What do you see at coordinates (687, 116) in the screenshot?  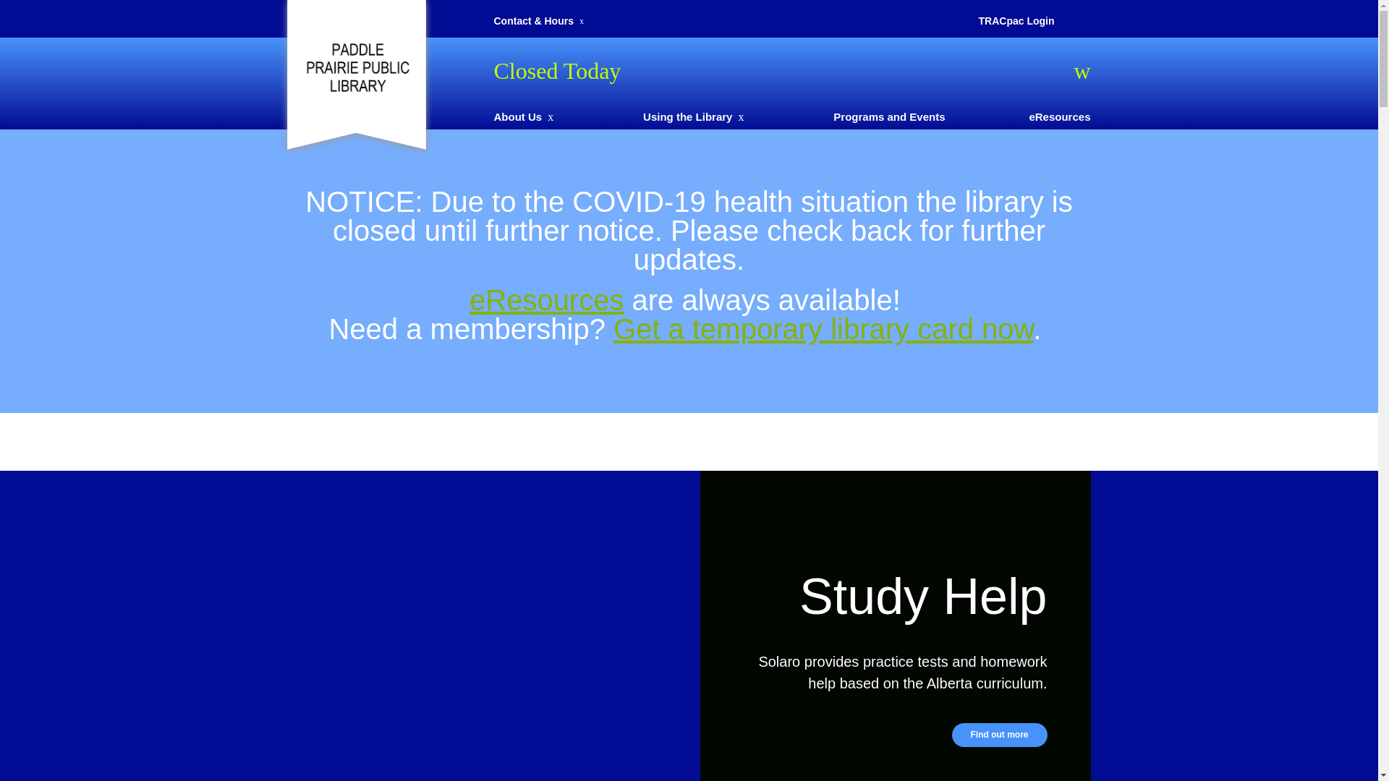 I see `'Using the Library'` at bounding box center [687, 116].